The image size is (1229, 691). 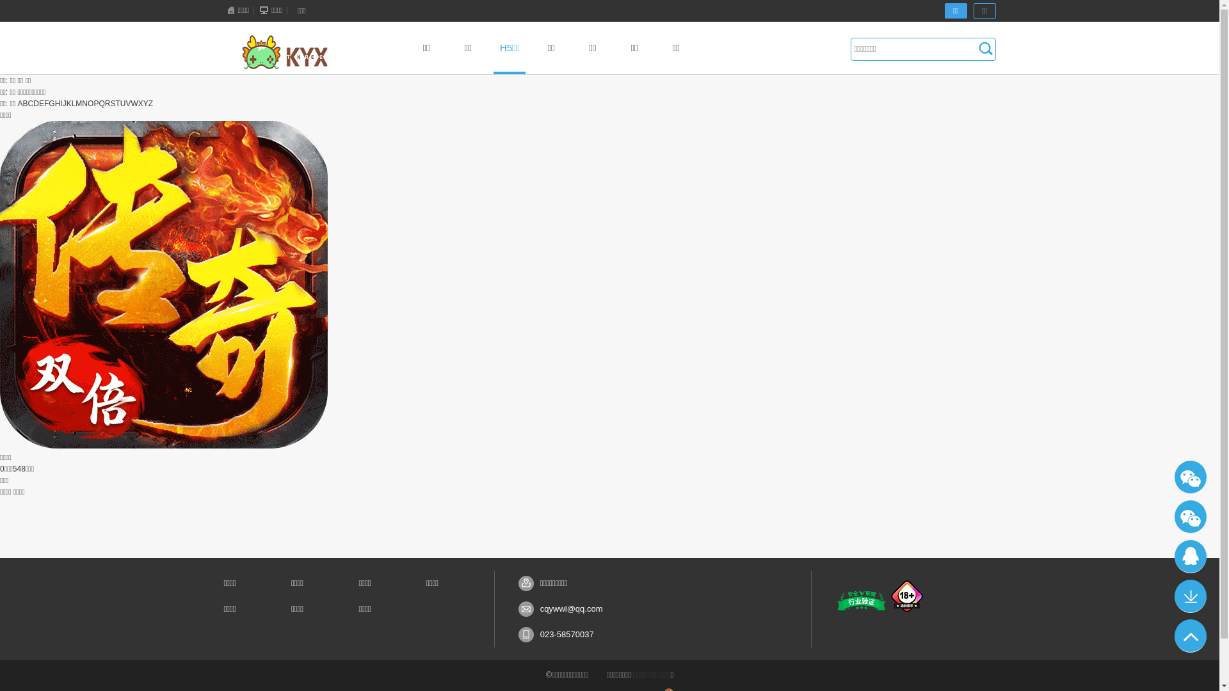 What do you see at coordinates (42, 103) in the screenshot?
I see `'E'` at bounding box center [42, 103].